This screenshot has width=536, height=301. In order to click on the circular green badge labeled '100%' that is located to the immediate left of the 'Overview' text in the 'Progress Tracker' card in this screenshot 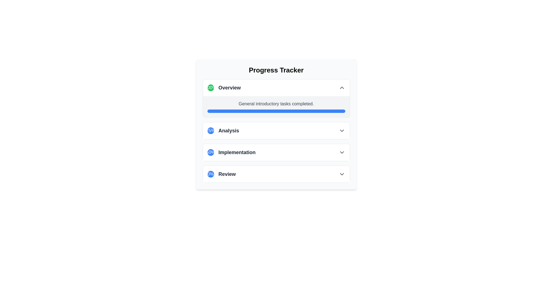, I will do `click(210, 88)`.